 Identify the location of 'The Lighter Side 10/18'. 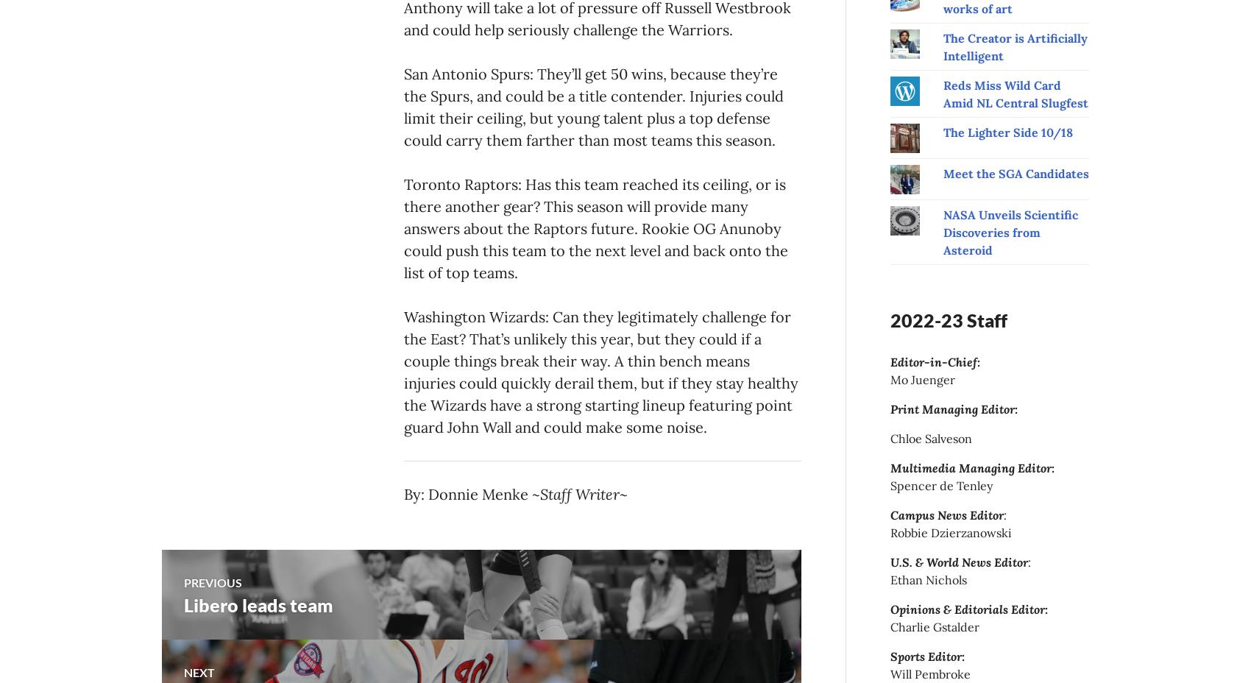
(942, 132).